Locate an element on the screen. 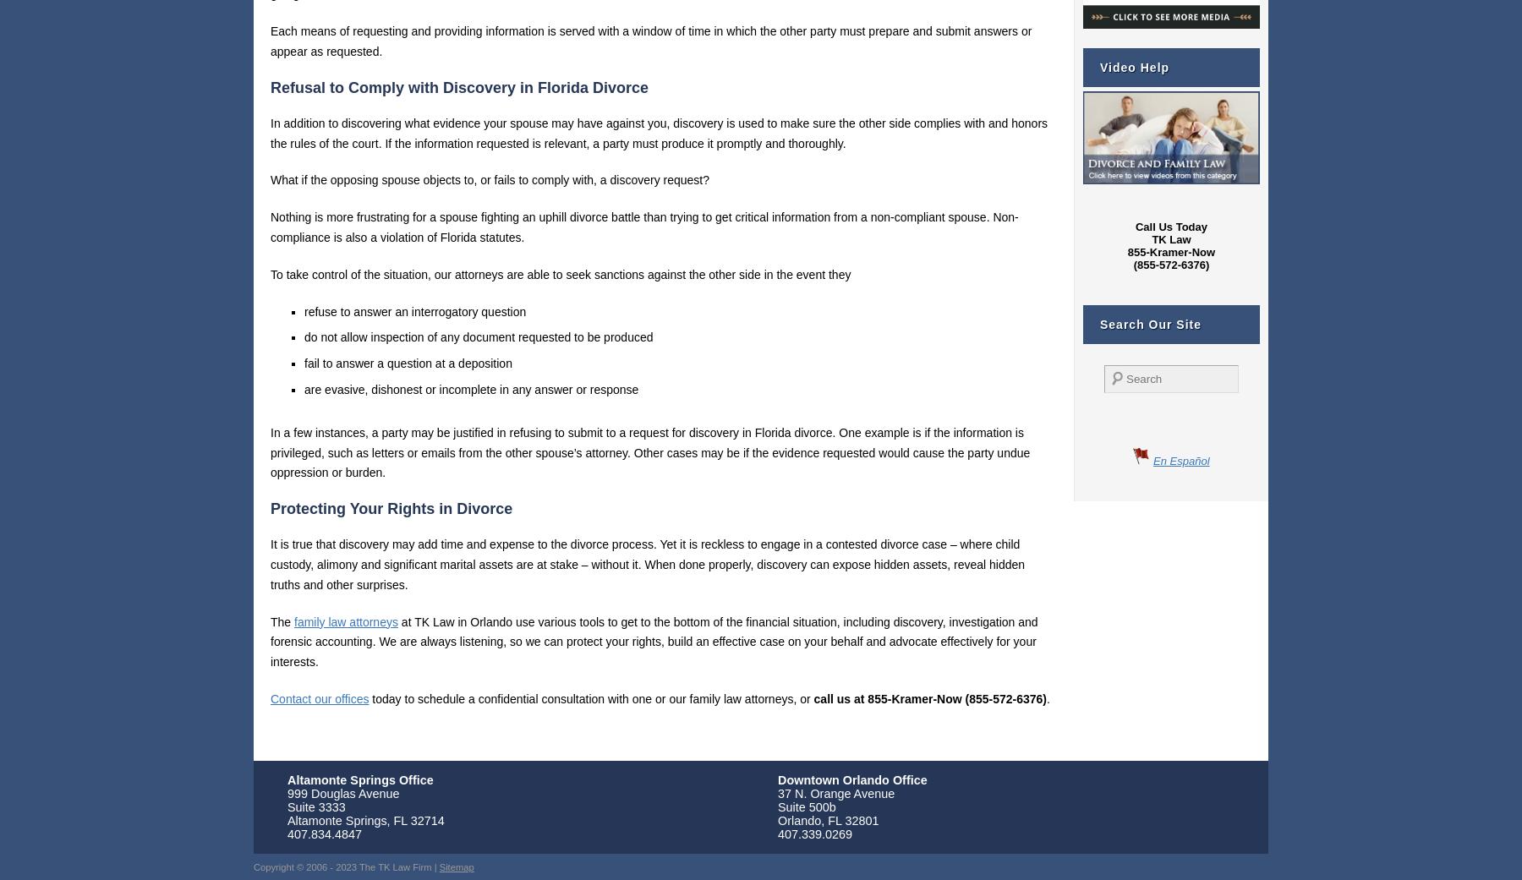 Image resolution: width=1522 pixels, height=880 pixels. '407.834.4847' is located at coordinates (324, 834).